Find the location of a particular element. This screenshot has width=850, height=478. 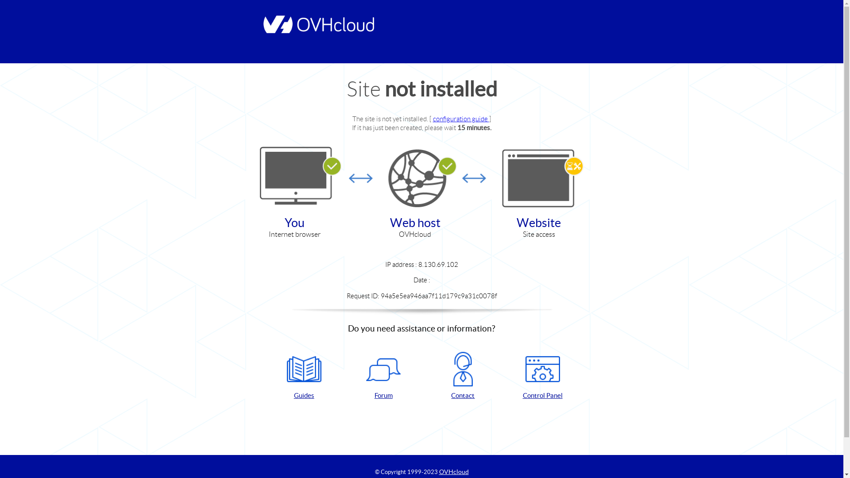

'Control Panel' is located at coordinates (542, 376).